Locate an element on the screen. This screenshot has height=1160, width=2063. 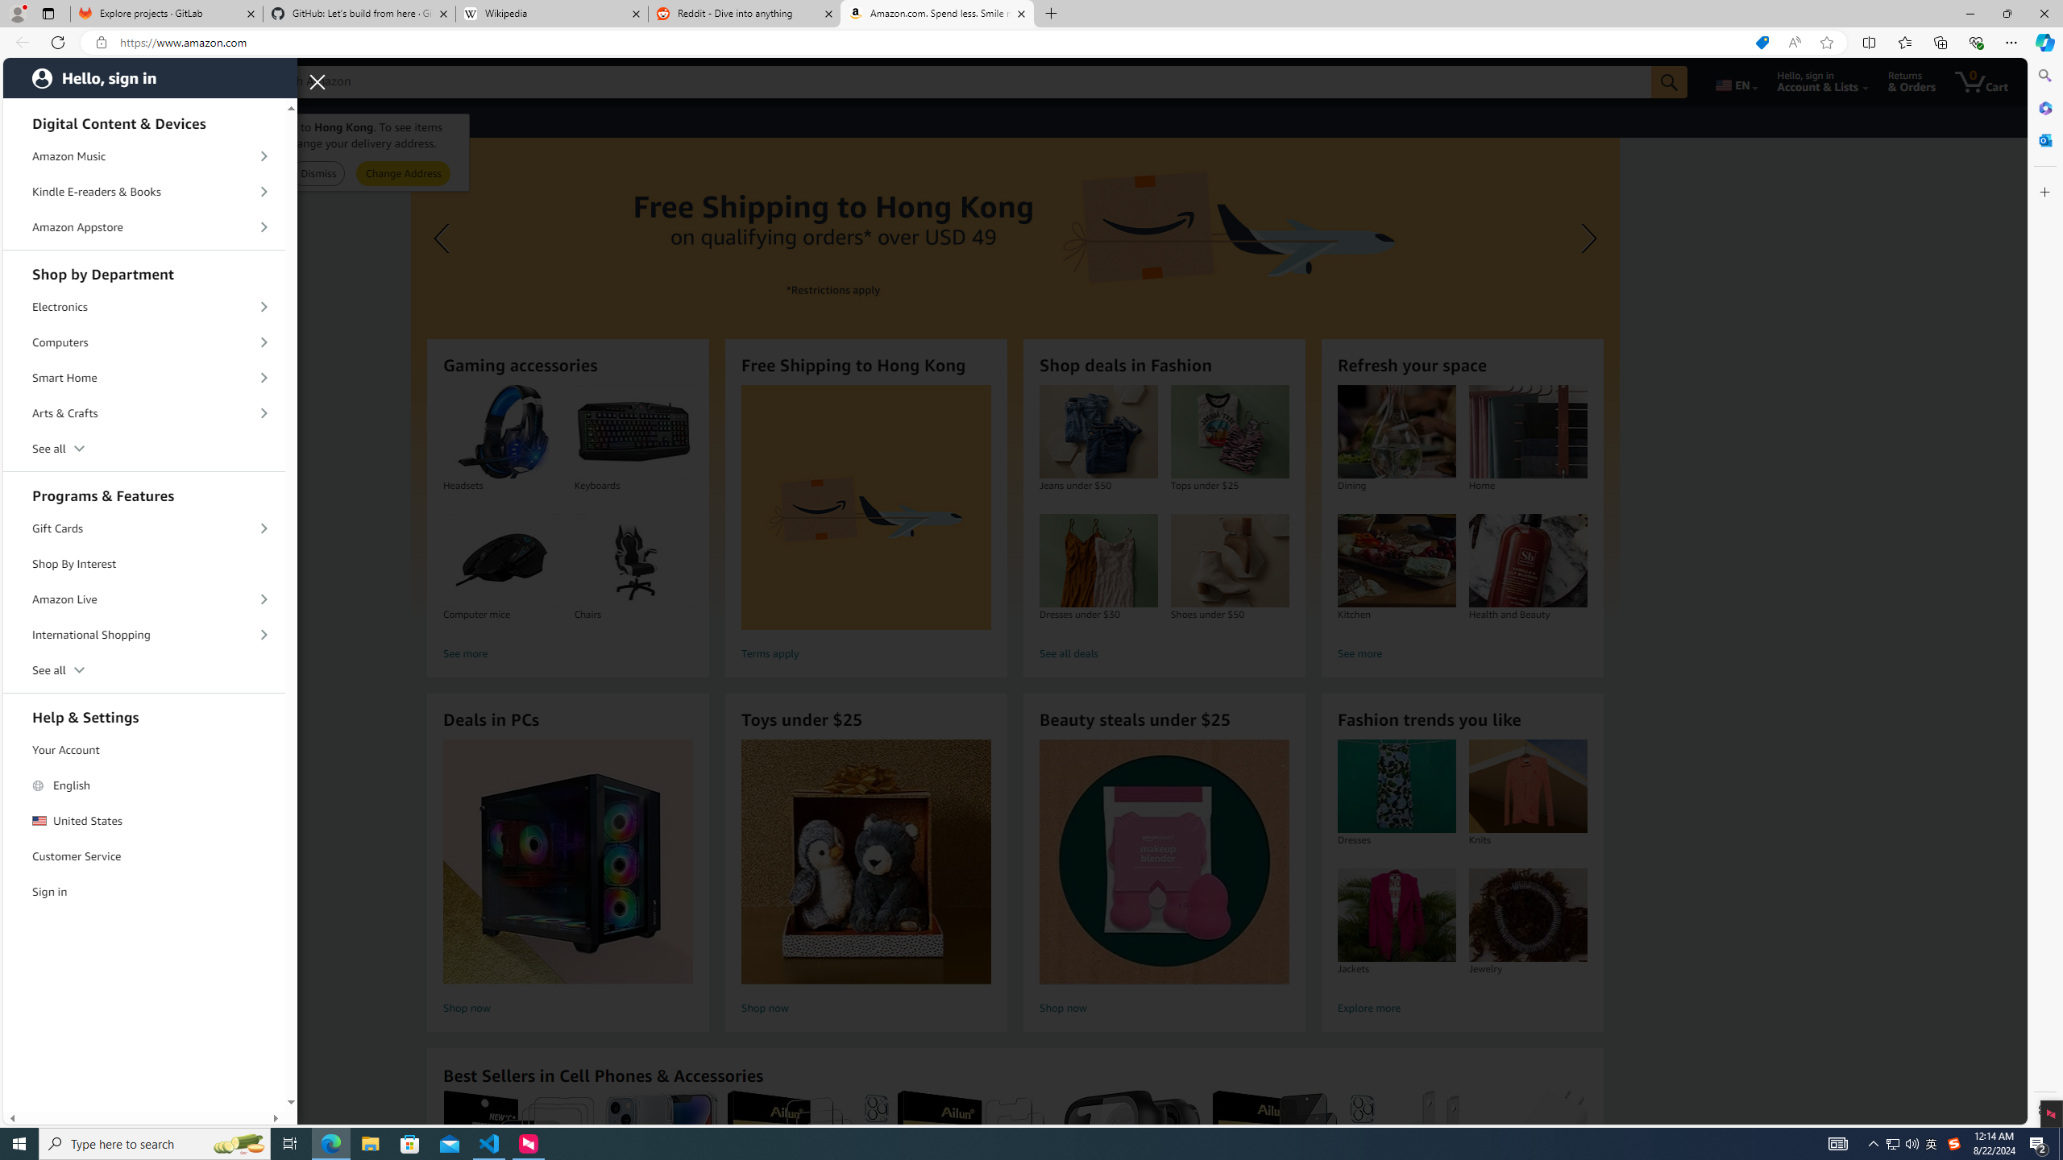
'Amazon Music' is located at coordinates (144, 157).